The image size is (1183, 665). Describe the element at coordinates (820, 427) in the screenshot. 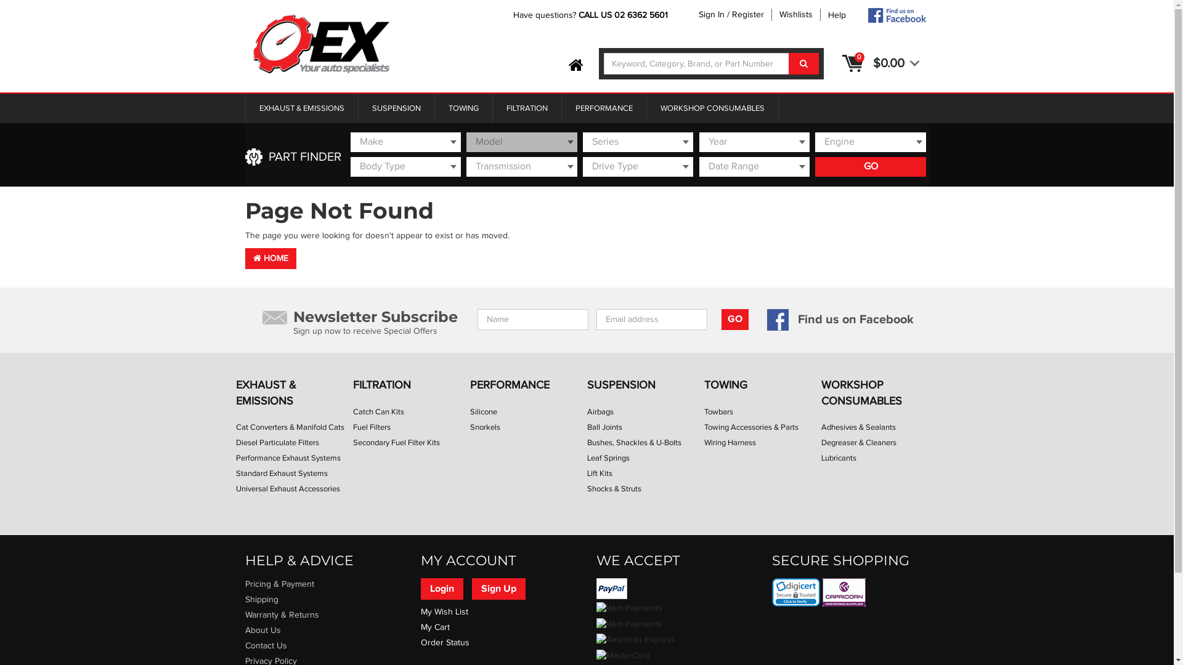

I see `'Adhesives & Sealants'` at that location.